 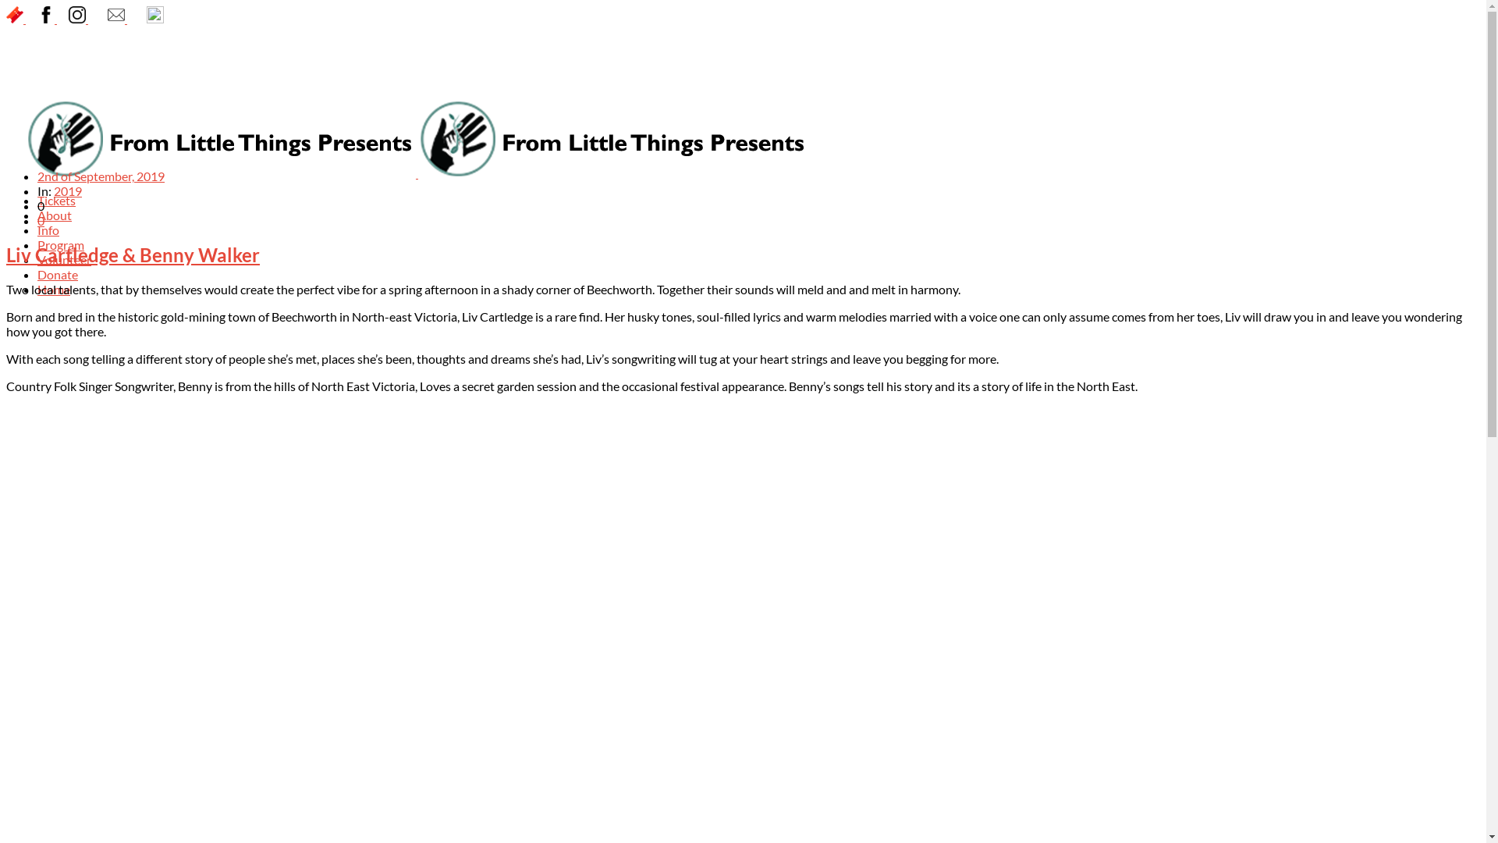 I want to click on '2nd of September, 2019', so click(x=37, y=176).